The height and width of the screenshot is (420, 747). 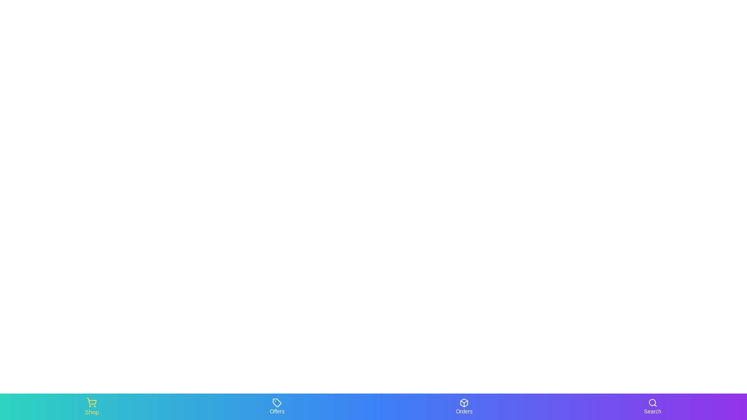 What do you see at coordinates (277, 406) in the screenshot?
I see `the Offers tab` at bounding box center [277, 406].